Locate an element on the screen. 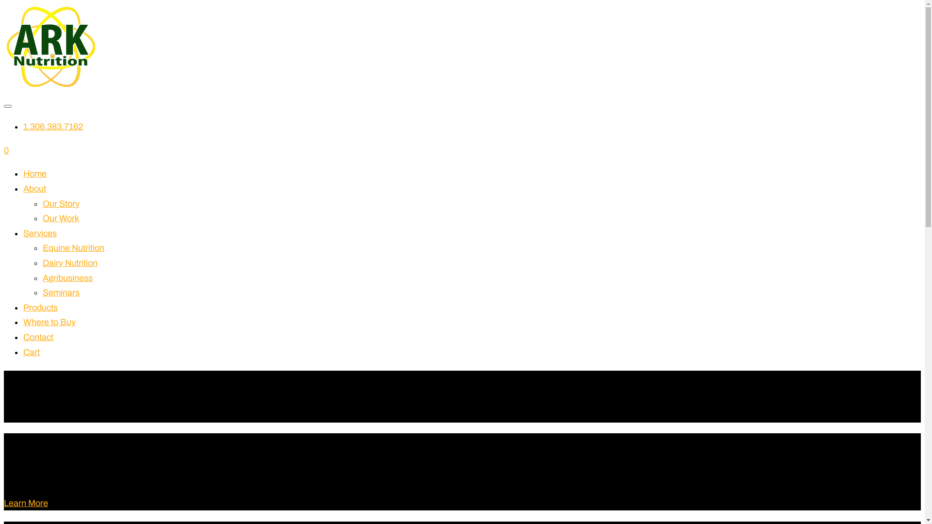 The width and height of the screenshot is (932, 524). 'Where to Buy' is located at coordinates (49, 322).